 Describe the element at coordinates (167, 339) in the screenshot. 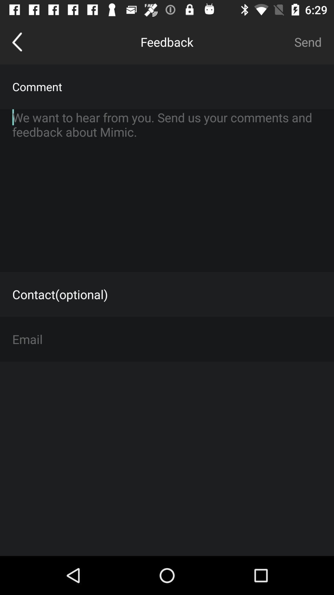

I see `contact email` at that location.